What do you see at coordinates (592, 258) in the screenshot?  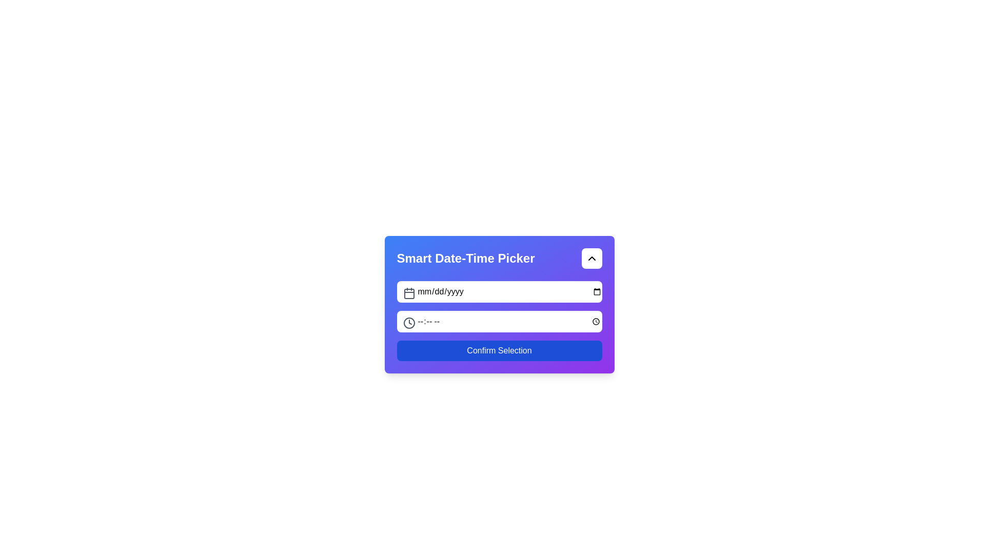 I see `the compact square button with a white background and black upward-pointing chevron icon located at the top-right corner of the 'Smart Date-Time Picker' interface` at bounding box center [592, 258].